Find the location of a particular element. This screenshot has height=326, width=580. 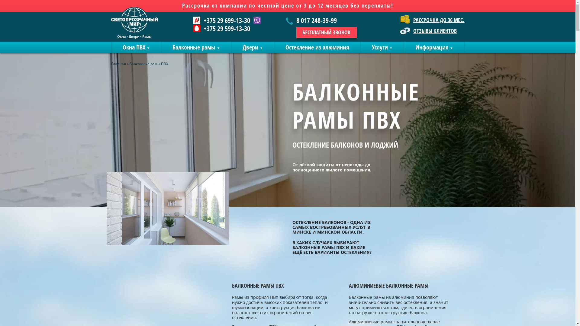

'+375 29 599-13-30' is located at coordinates (221, 28).